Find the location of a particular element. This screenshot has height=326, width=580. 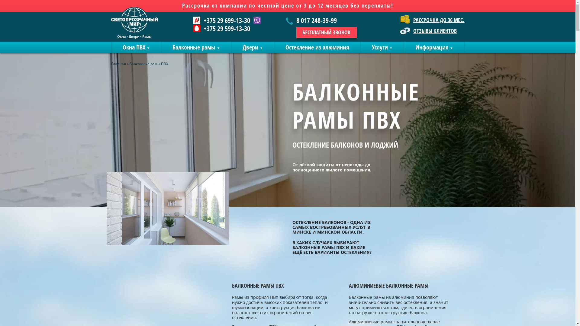

'+375 29 599-13-30' is located at coordinates (221, 28).